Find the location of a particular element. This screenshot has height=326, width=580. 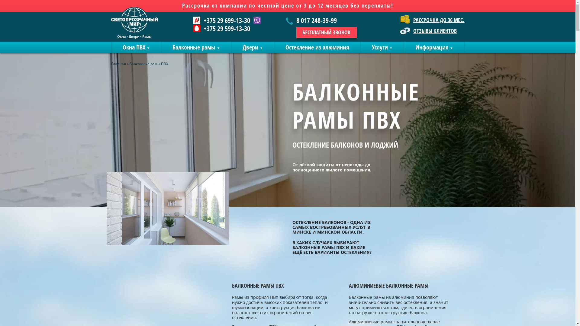

'+375 29 599-13-30' is located at coordinates (221, 28).